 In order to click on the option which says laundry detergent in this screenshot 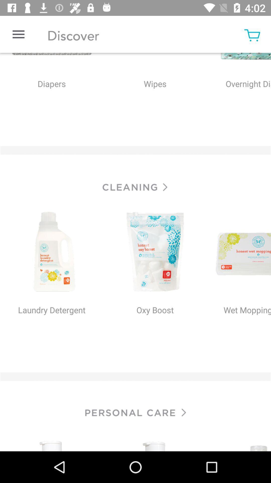, I will do `click(51, 320)`.